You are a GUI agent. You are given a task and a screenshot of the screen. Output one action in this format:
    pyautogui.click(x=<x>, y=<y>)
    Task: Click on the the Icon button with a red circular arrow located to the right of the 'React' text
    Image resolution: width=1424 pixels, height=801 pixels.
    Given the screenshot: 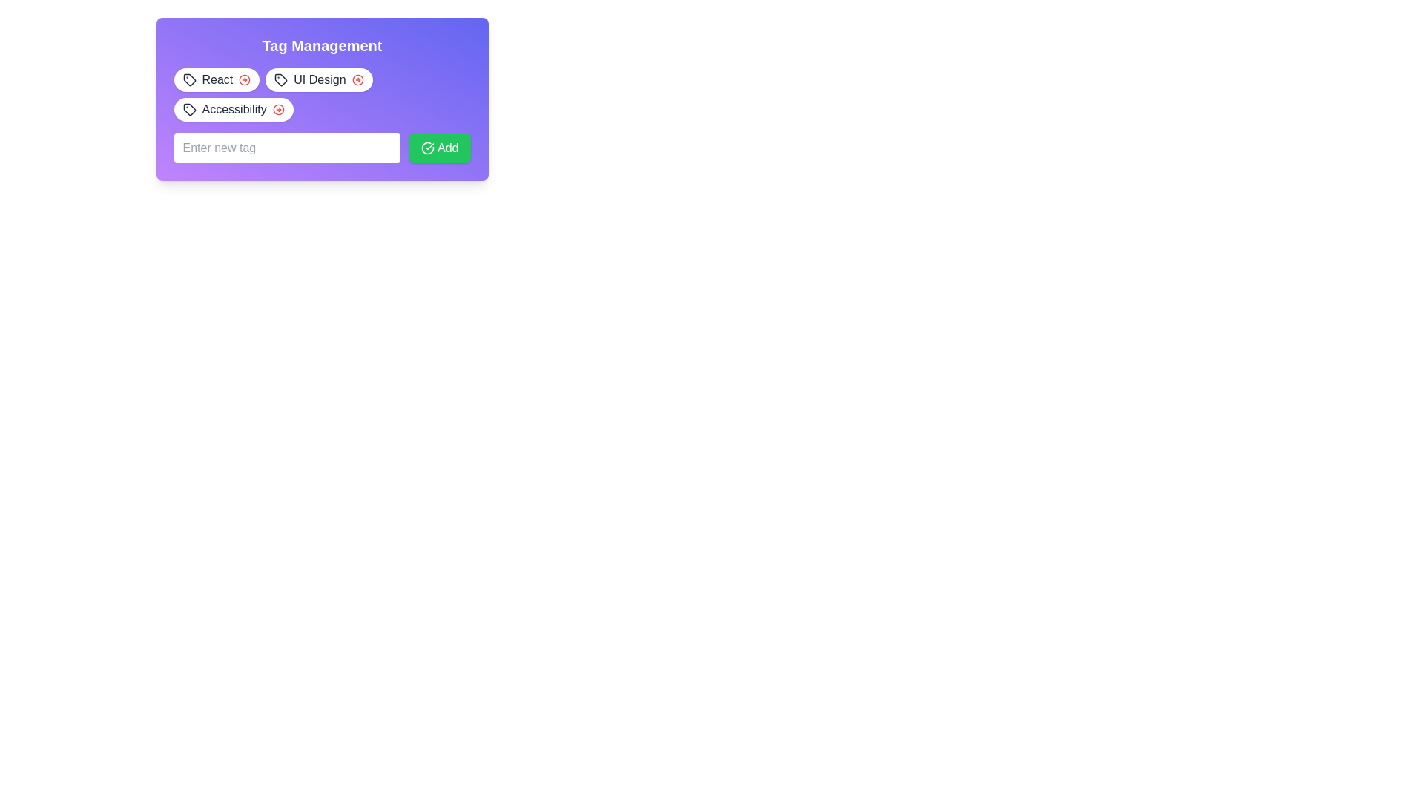 What is the action you would take?
    pyautogui.click(x=245, y=80)
    